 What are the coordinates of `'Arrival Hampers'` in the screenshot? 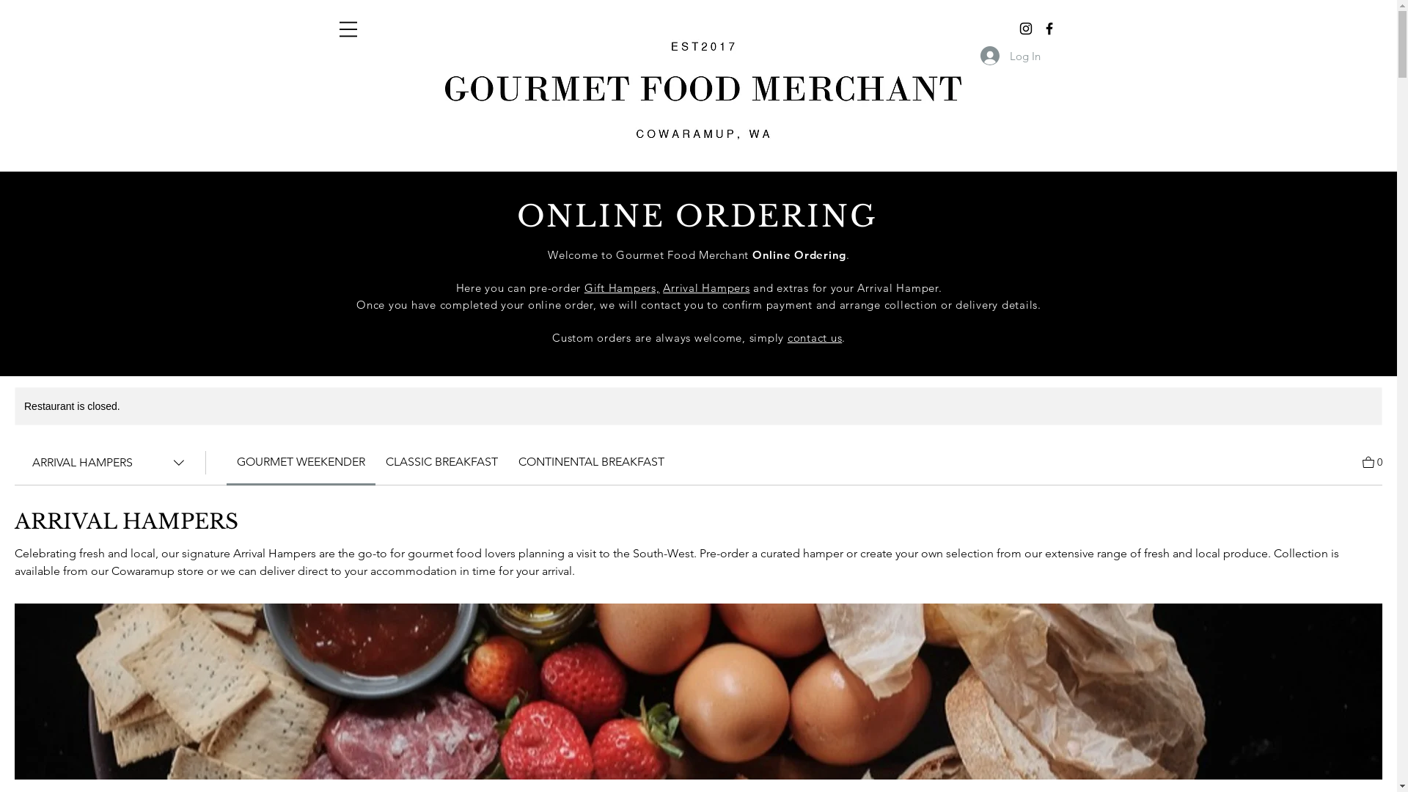 It's located at (706, 287).